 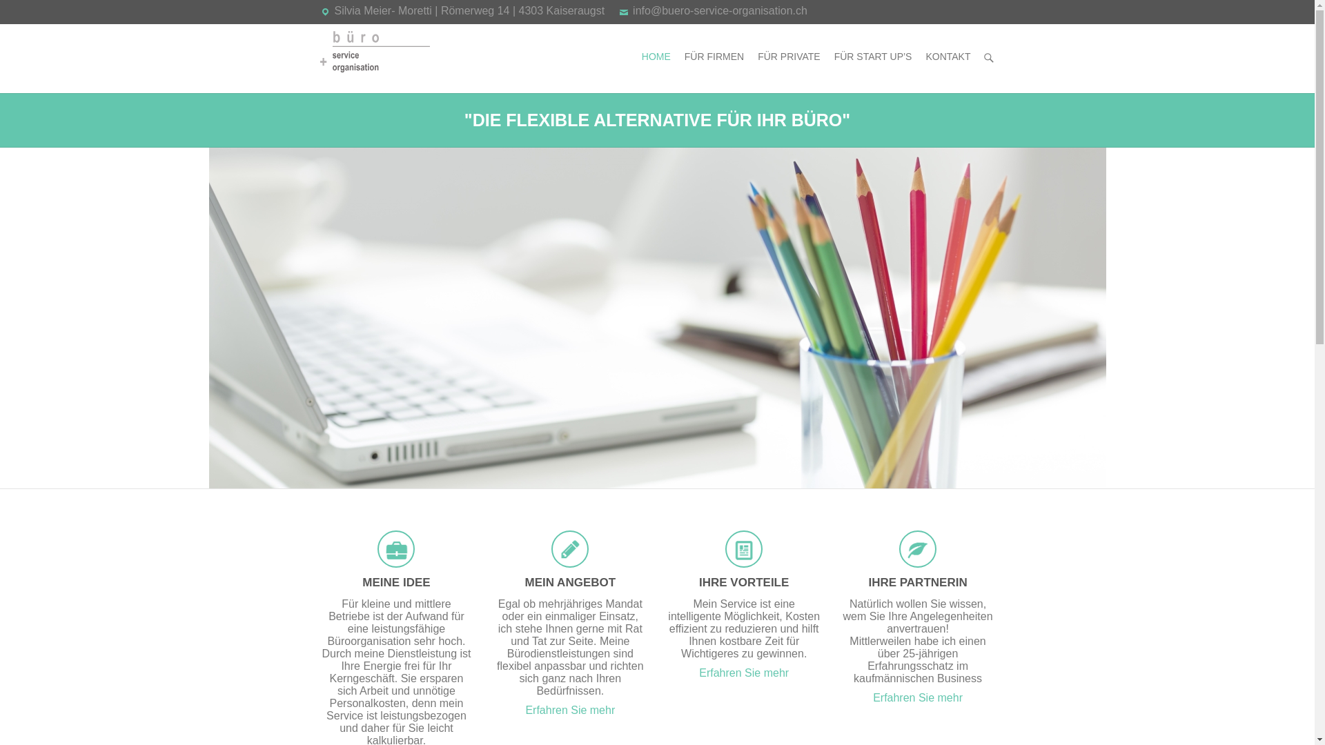 I want to click on 'info@buero-service-organisation.ch', so click(x=719, y=10).